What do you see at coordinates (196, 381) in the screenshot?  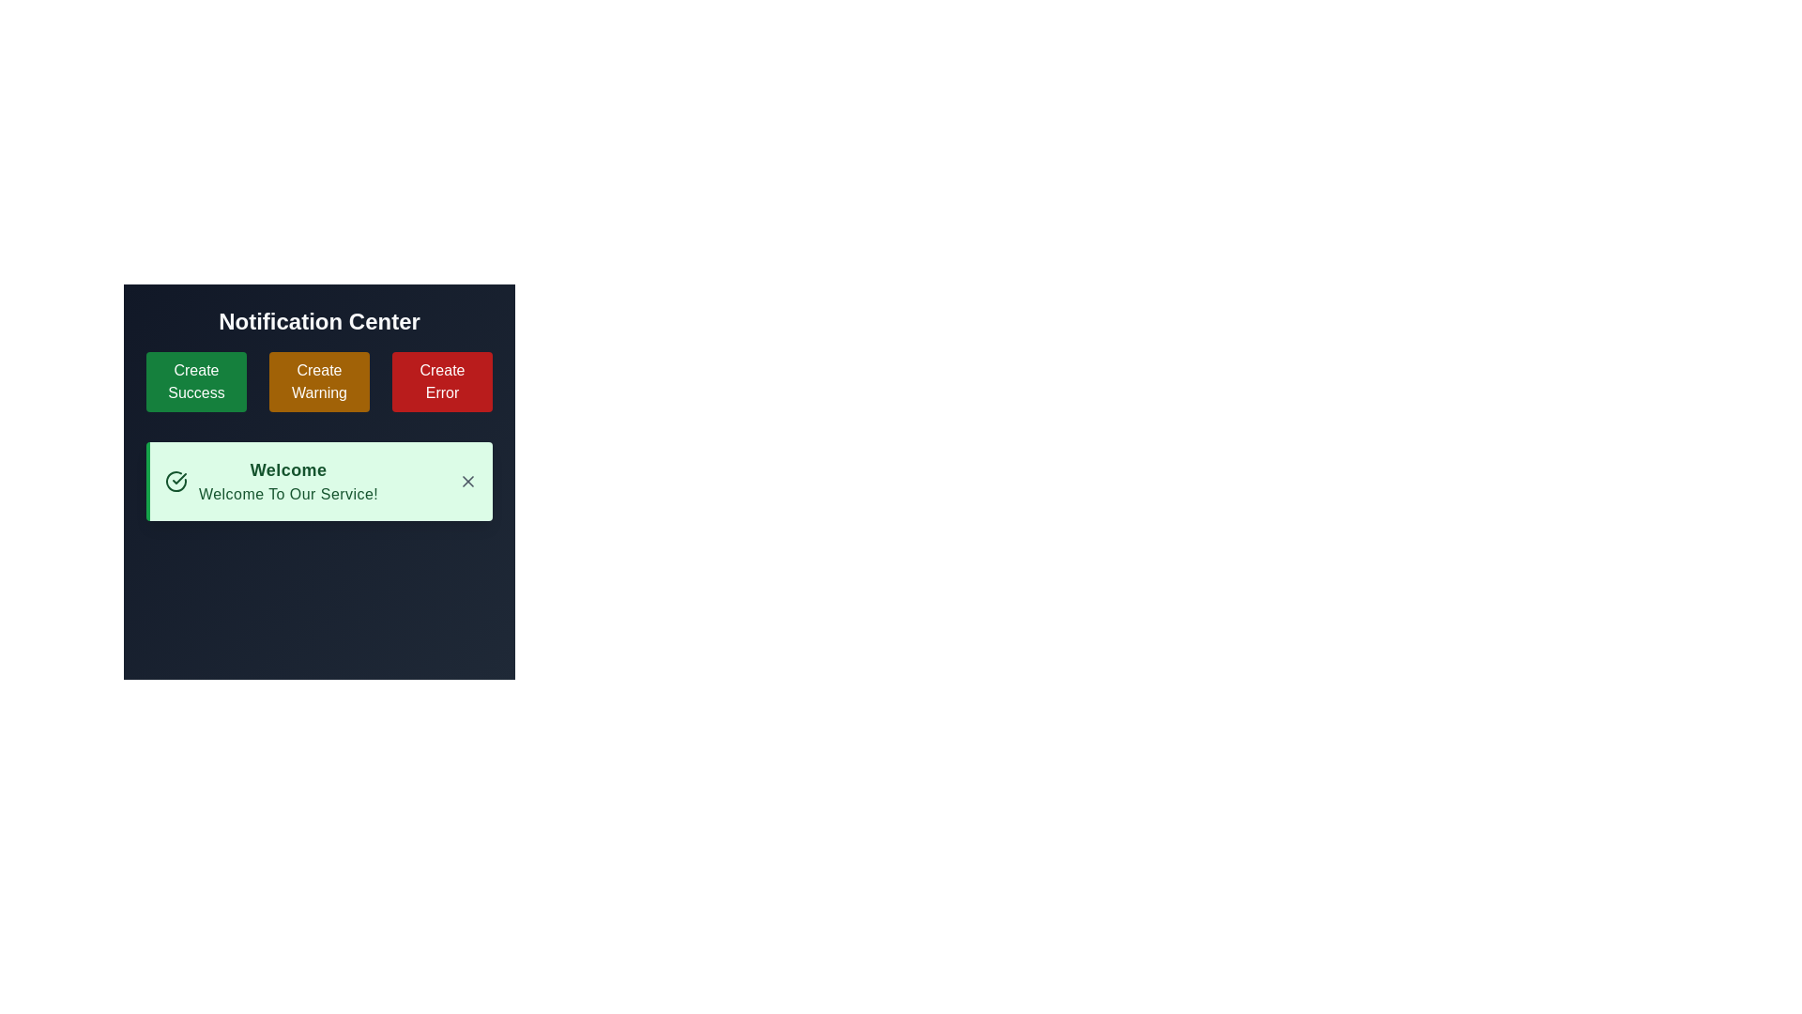 I see `the leftmost button in a group of three buttons, which is positioned near the top-left section of the interface` at bounding box center [196, 381].